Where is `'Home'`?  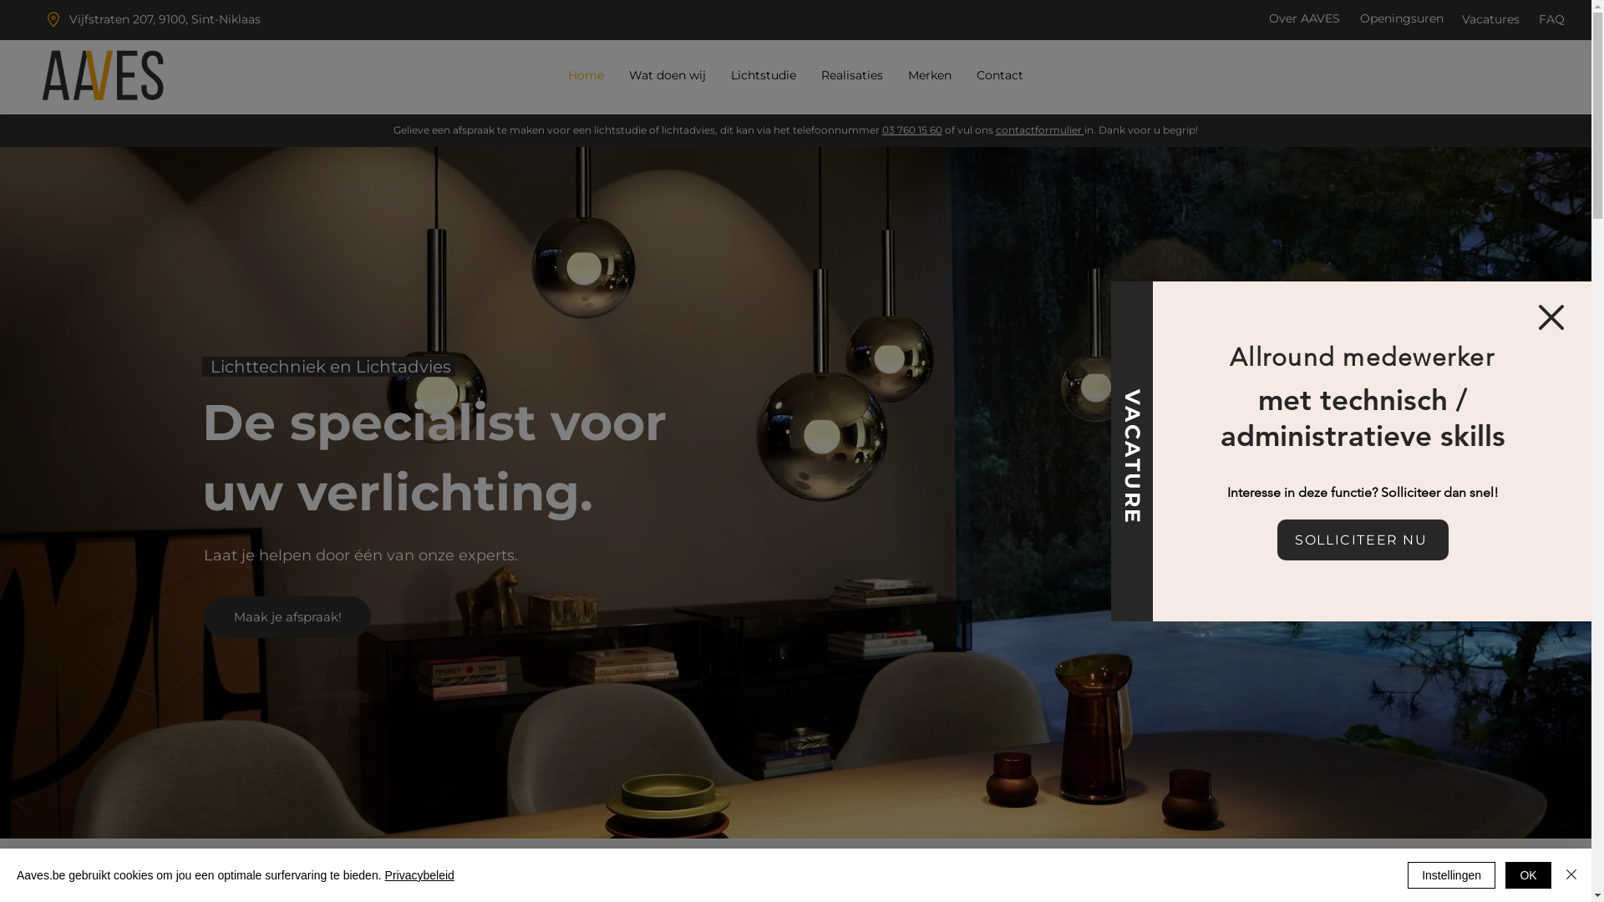
'Home' is located at coordinates (585, 75).